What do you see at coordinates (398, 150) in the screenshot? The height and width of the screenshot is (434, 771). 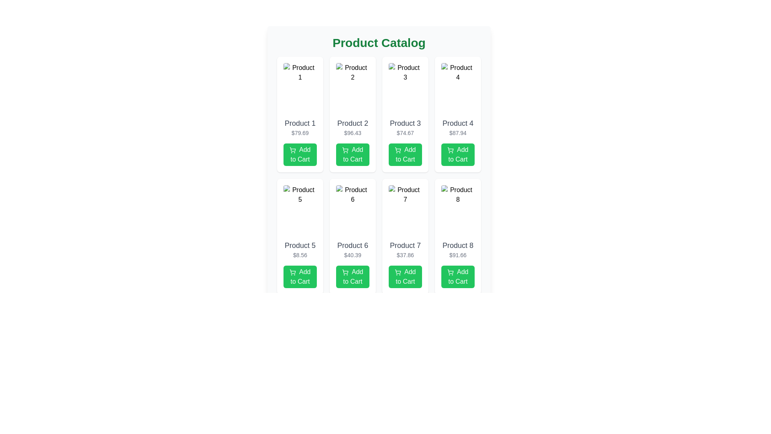 I see `the 'Add to Cart' icon located to the left of the button's text label for the third product in the Product Catalog for visual clarity` at bounding box center [398, 150].